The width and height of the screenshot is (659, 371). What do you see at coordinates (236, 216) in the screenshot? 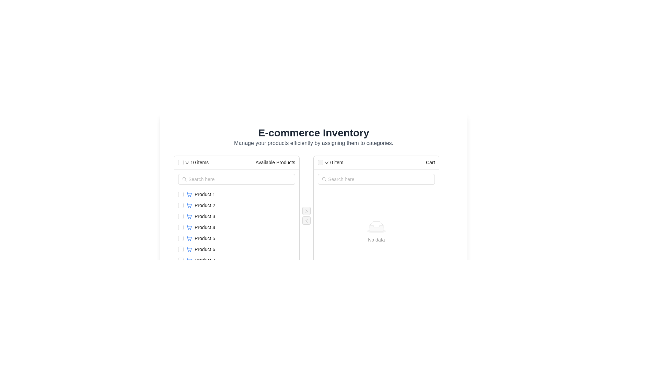
I see `the list item labeled 'Product 3' in the 'Available Products' section` at bounding box center [236, 216].